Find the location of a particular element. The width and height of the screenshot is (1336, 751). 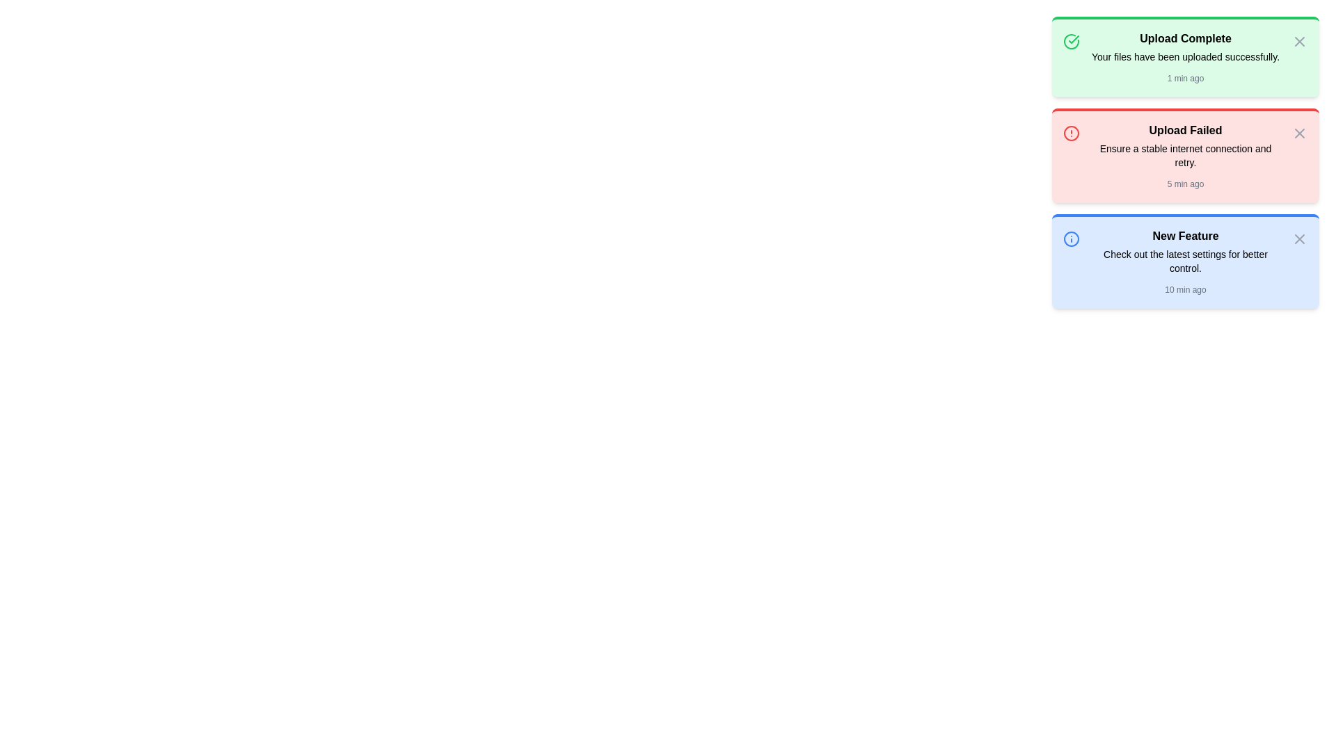

the 'X' icon button in the top-right corner of the notification card is located at coordinates (1298, 134).